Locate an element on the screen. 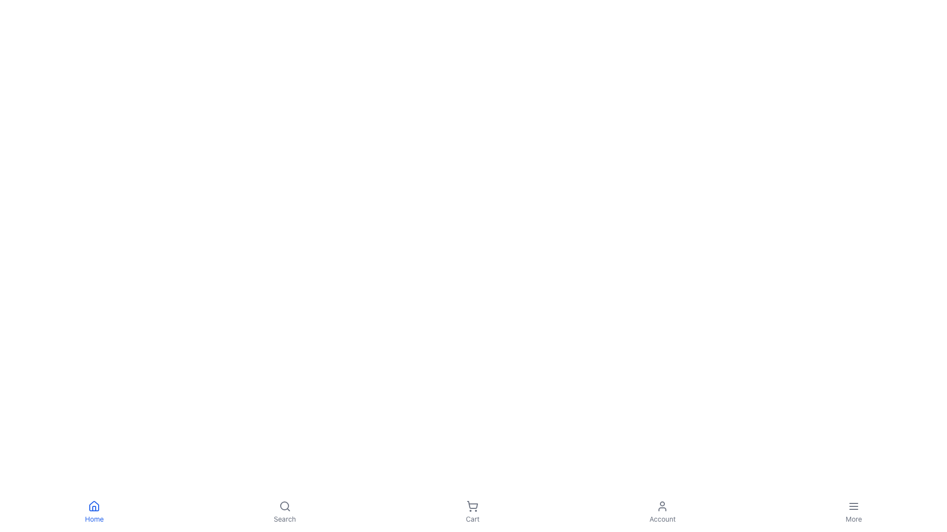 This screenshot has height=532, width=947. the 'Cart' button with a shopping cart icon located in the bottom navigation bar to change its color is located at coordinates (472, 512).